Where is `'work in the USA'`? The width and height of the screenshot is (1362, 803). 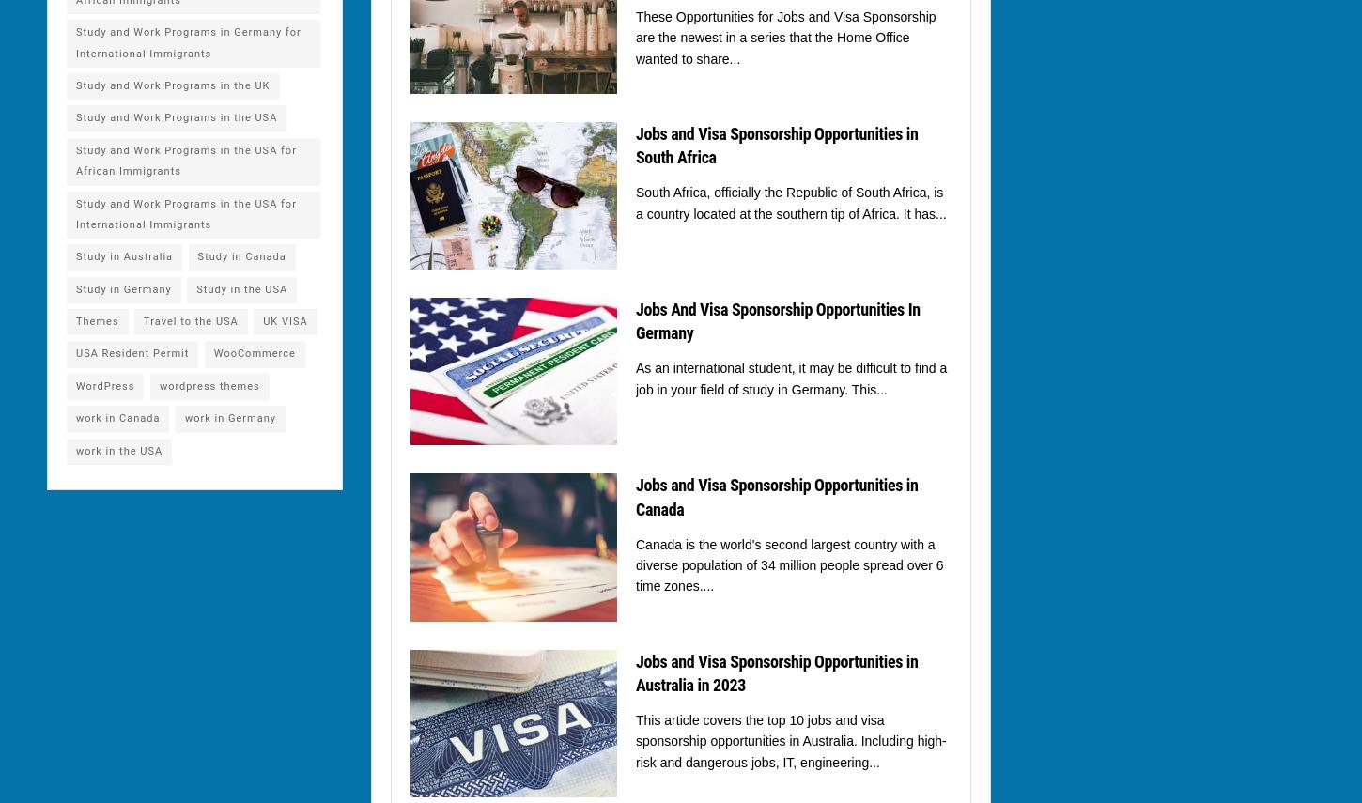
'work in the USA' is located at coordinates (118, 450).